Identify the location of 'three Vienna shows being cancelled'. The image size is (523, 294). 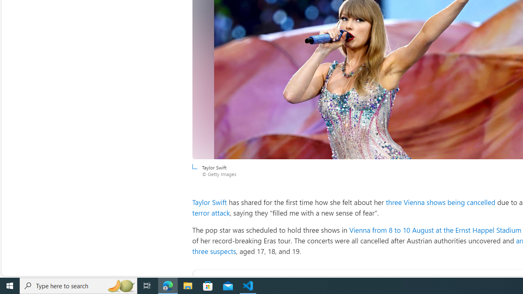
(440, 202).